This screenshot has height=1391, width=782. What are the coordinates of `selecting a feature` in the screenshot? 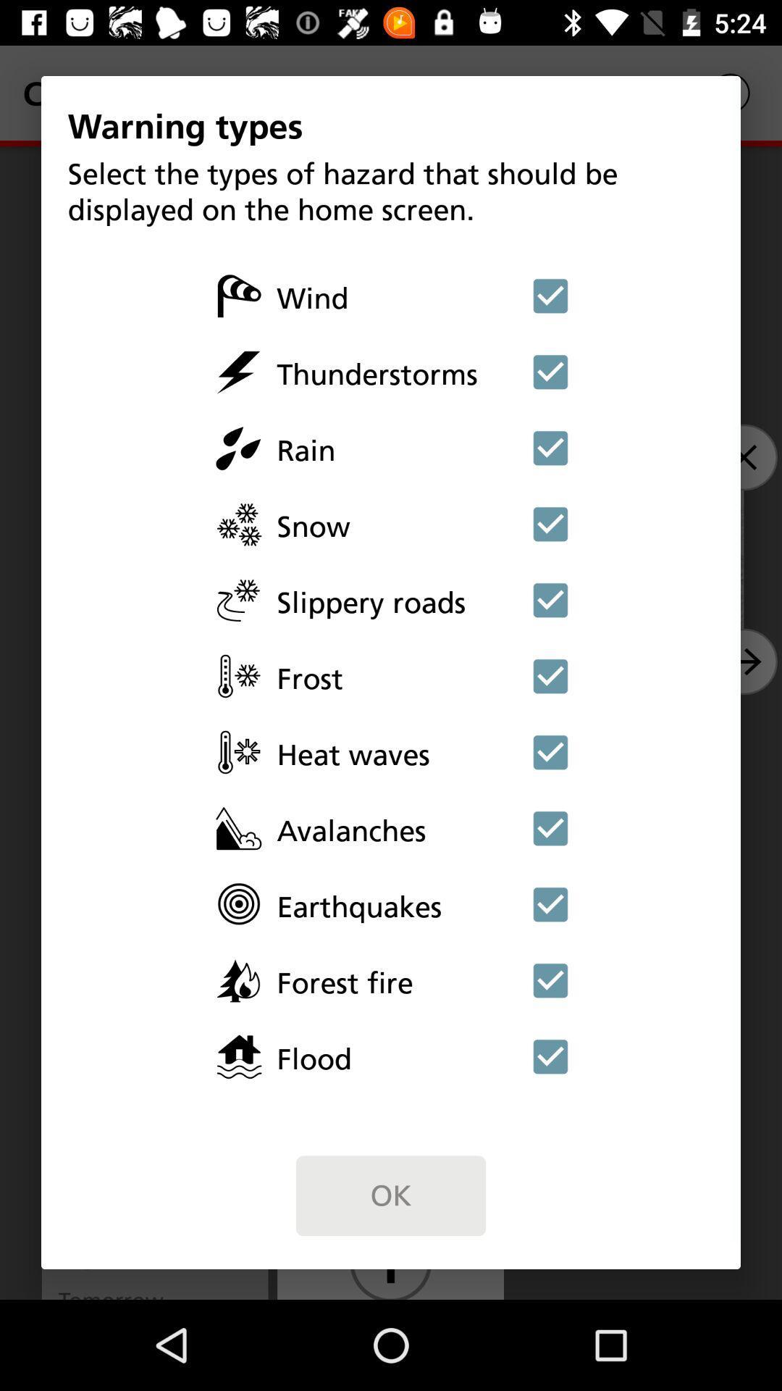 It's located at (550, 675).